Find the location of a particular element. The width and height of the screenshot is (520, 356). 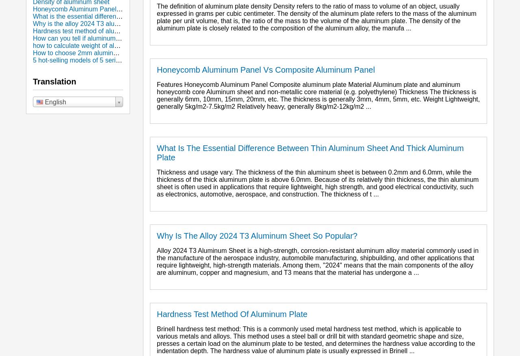

'The definition of aluminum plate density
Density refers to the ratio of mass to volume of an object, usually expressed in grams per cubic centimeter. The density of the aluminum plate refers to the mass of the aluminum plate per unit volume, that is, the ratio of the mass to the volume of the aluminum plate. The density of the aluminum plate is closely related to the composition of the aluminum alloy, the manufa ...' is located at coordinates (157, 17).